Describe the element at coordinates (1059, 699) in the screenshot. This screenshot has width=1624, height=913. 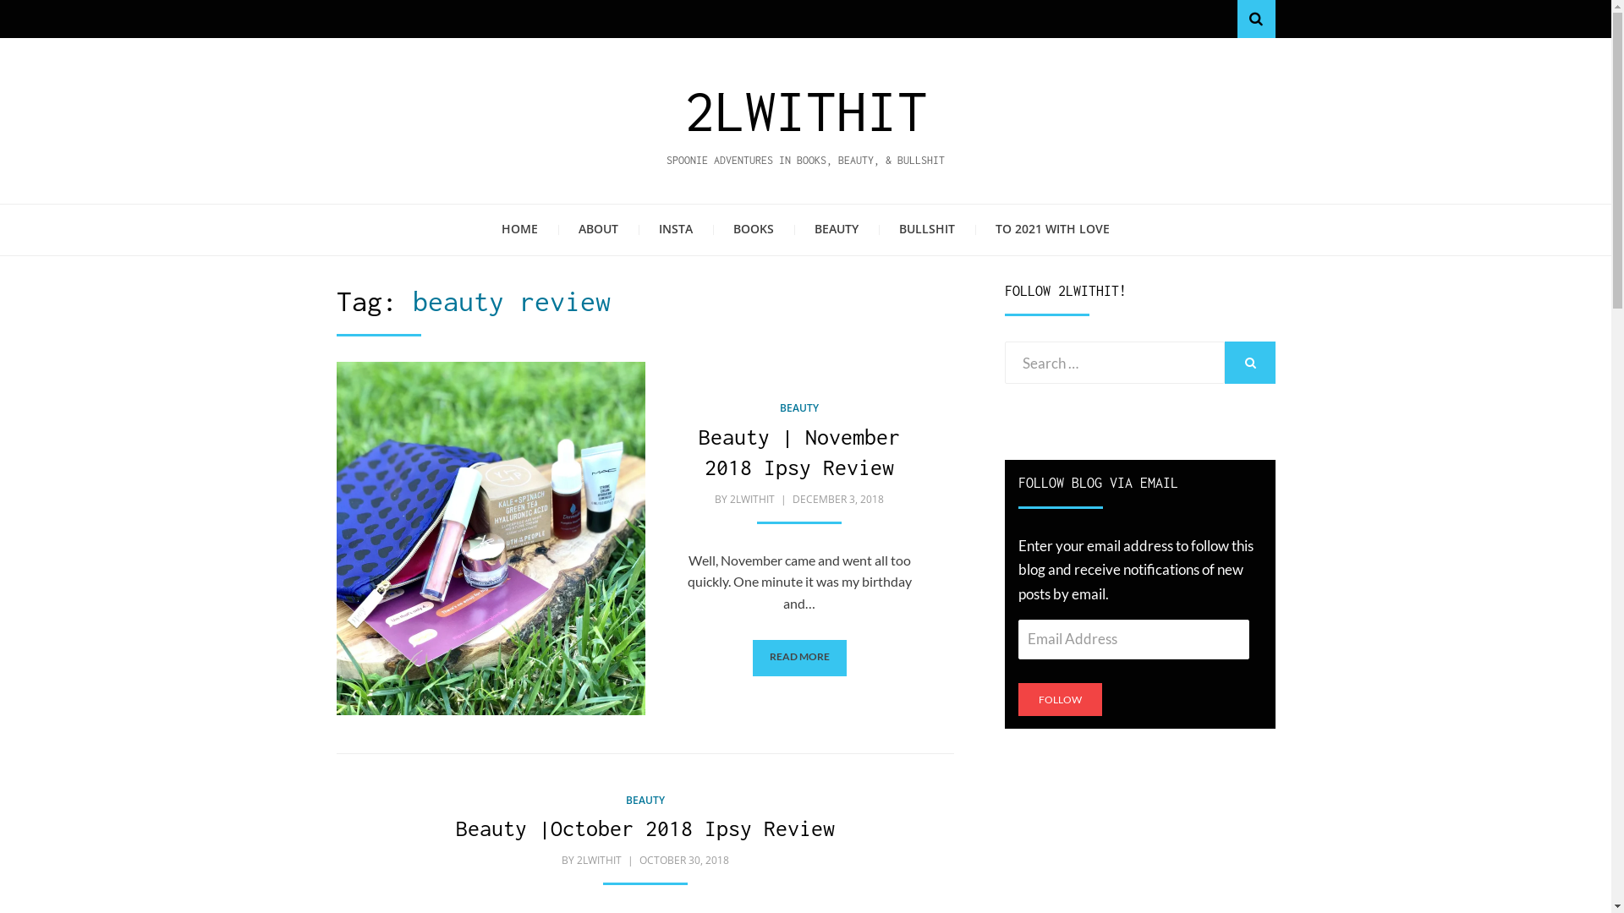
I see `'FOLLOW'` at that location.